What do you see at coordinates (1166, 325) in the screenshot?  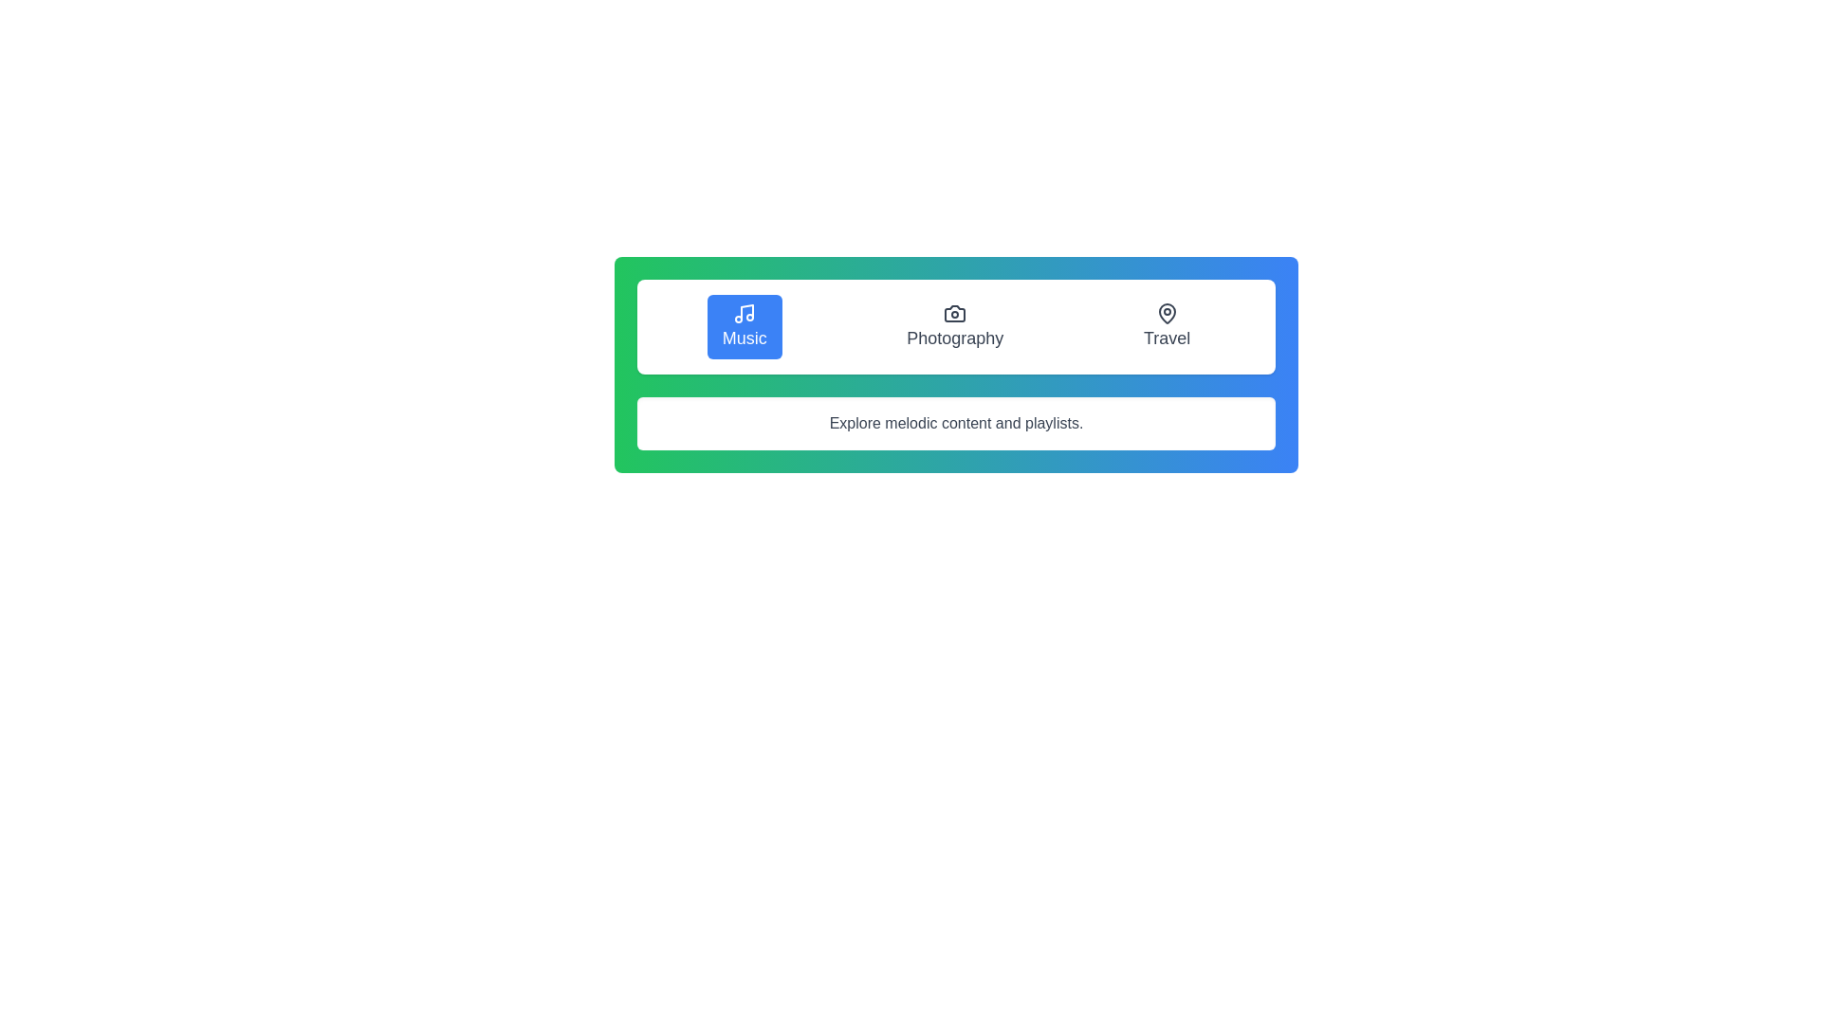 I see `the tab labeled Travel to observe its hover effect` at bounding box center [1166, 325].